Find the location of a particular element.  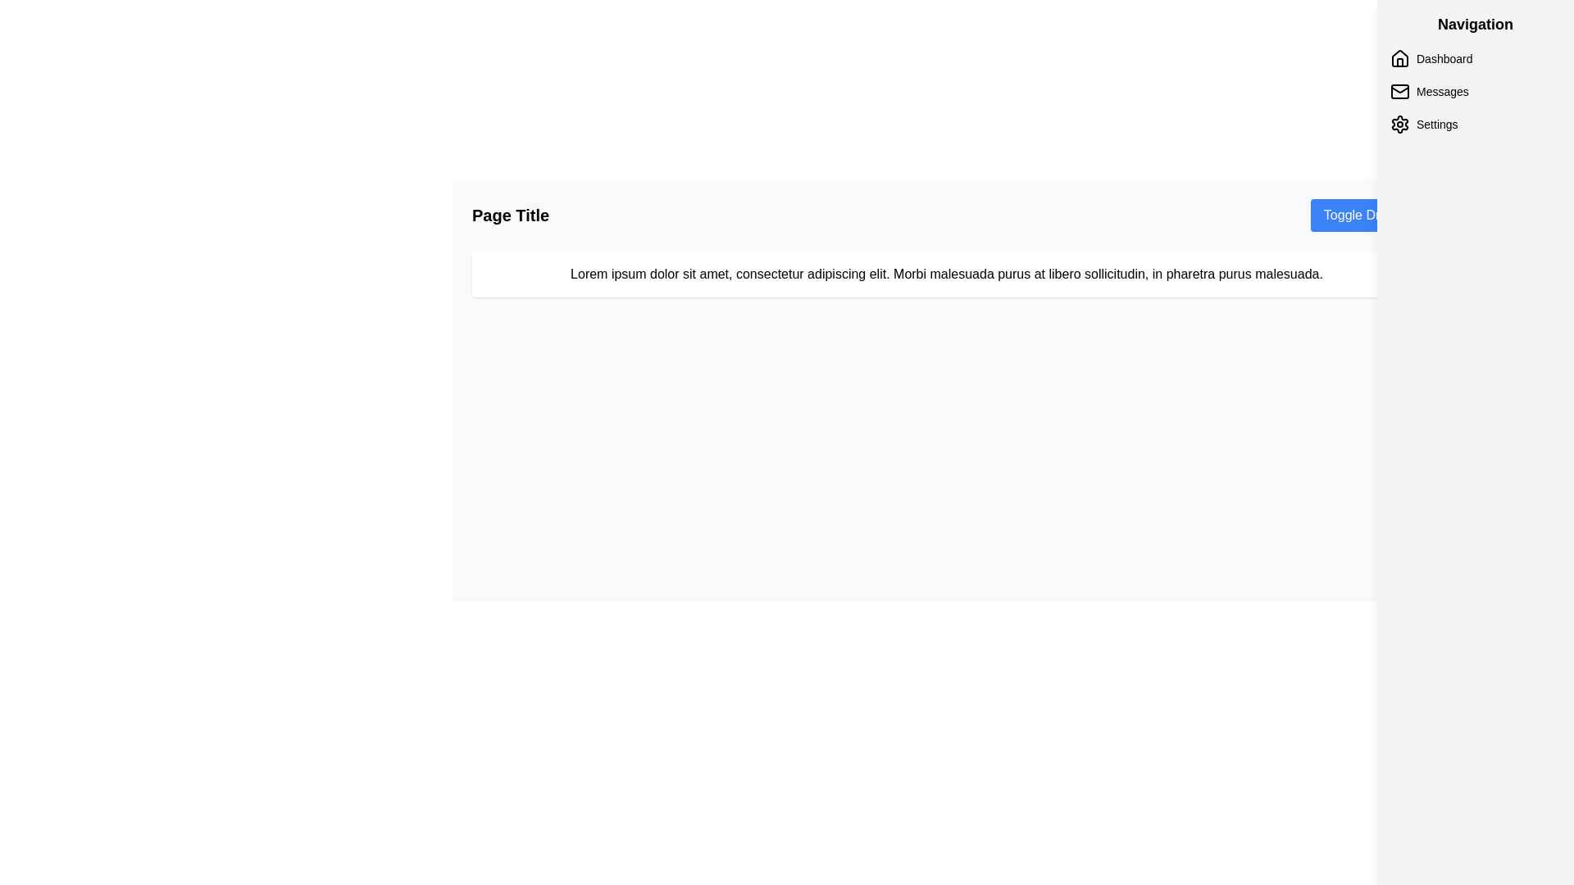

the 'Messages' text label in the navigation menu, which is styled with a small font size and medium weight, located on the right side of the interface as the second item in the list of navigation options is located at coordinates (1441, 91).